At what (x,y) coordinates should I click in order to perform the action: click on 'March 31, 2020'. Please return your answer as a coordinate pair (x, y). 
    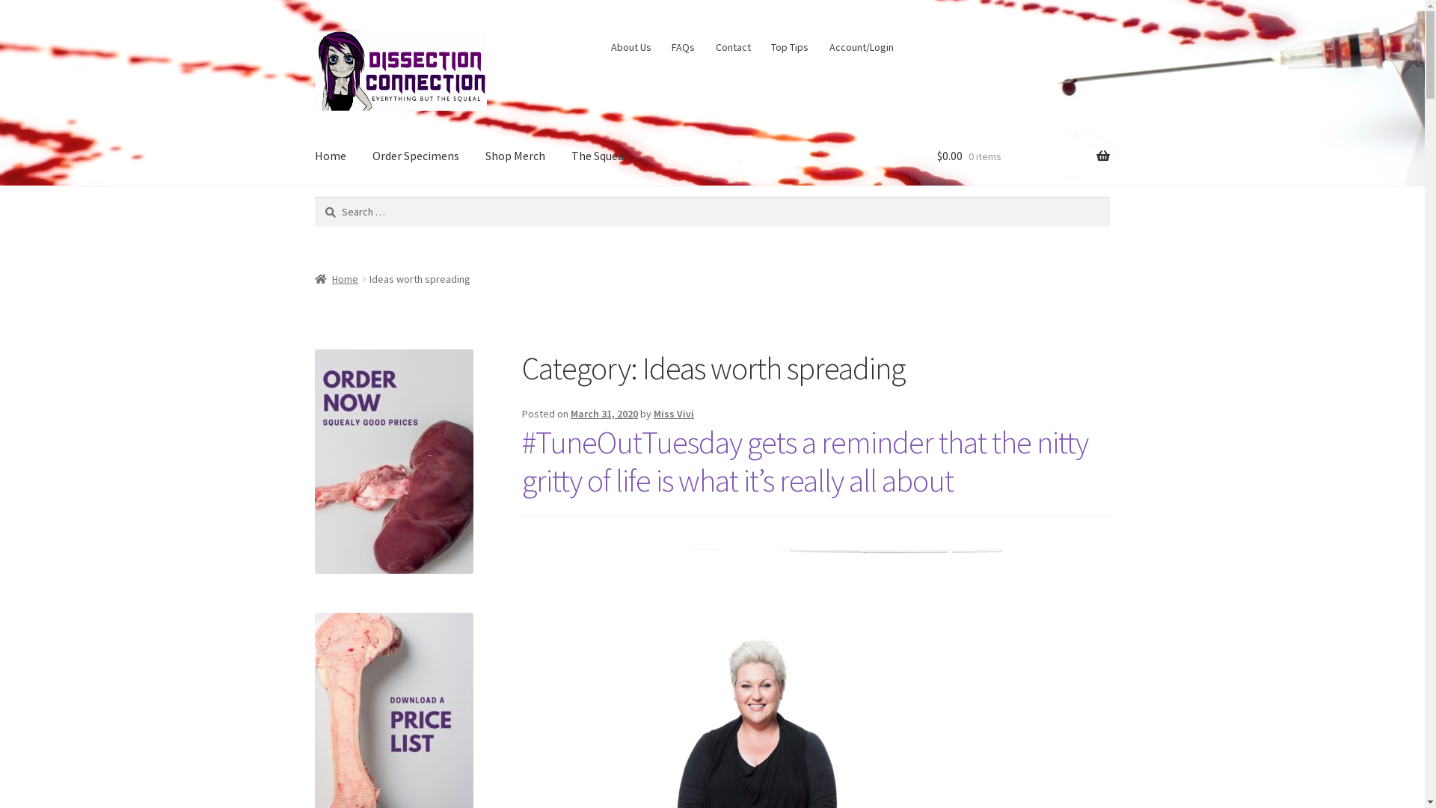
    Looking at the image, I should click on (604, 413).